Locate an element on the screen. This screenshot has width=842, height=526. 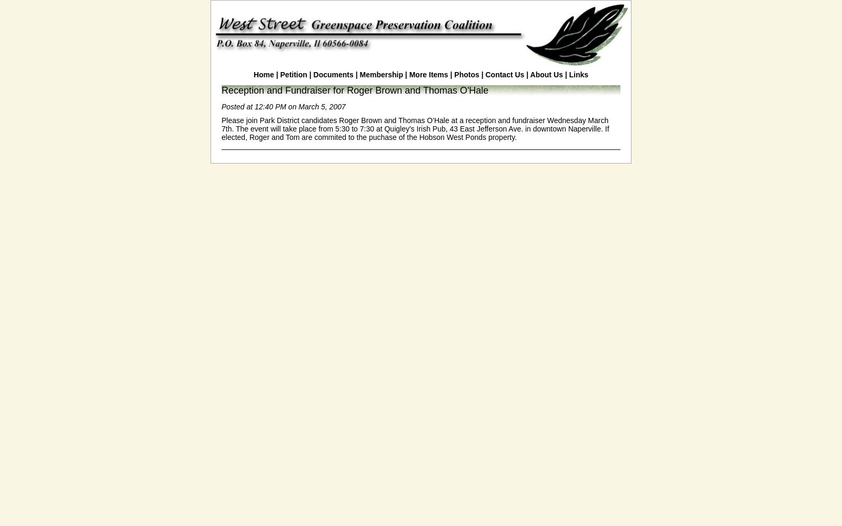
'Posted at 12:40 PM on March  5, 2007' is located at coordinates (283, 106).